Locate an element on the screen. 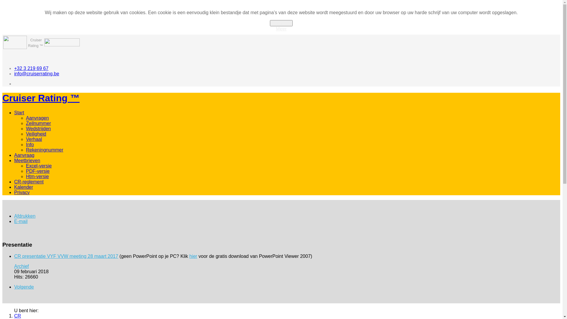 This screenshot has height=319, width=567. 'Zeilnummer' is located at coordinates (38, 123).